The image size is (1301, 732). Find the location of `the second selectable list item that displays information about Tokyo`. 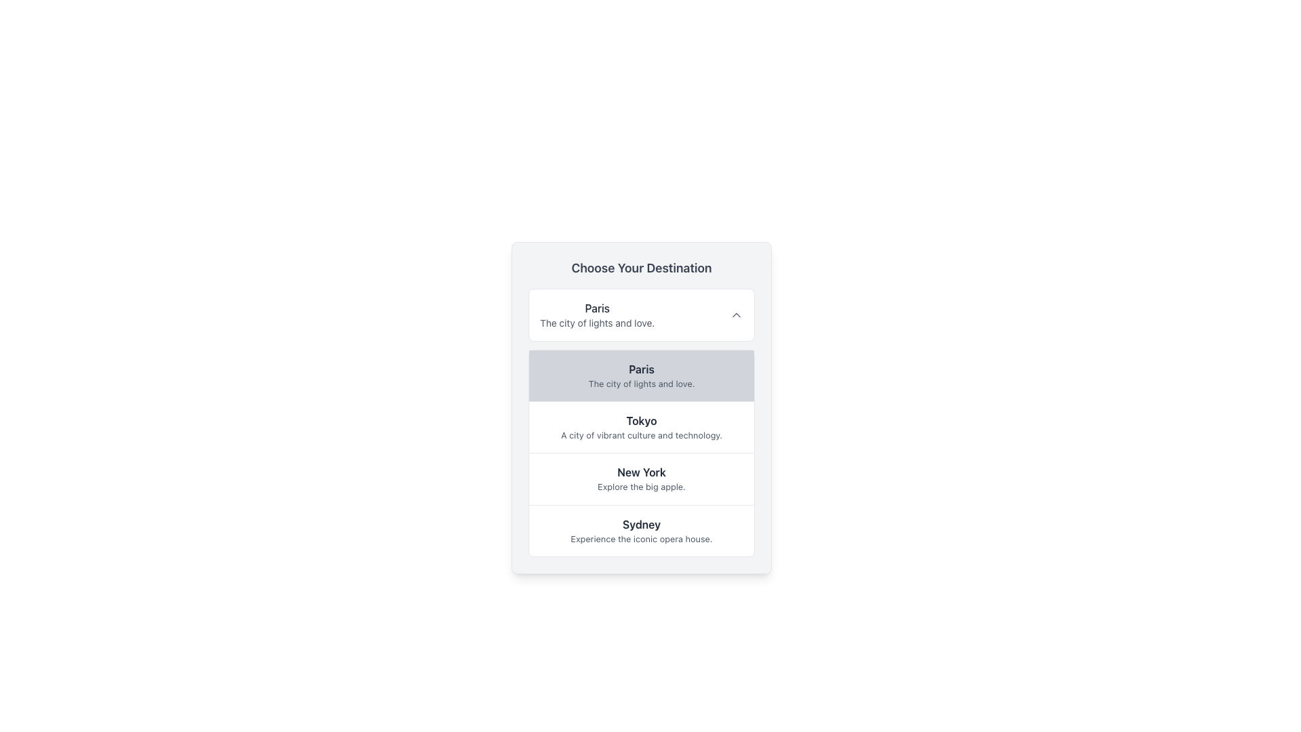

the second selectable list item that displays information about Tokyo is located at coordinates (640, 426).